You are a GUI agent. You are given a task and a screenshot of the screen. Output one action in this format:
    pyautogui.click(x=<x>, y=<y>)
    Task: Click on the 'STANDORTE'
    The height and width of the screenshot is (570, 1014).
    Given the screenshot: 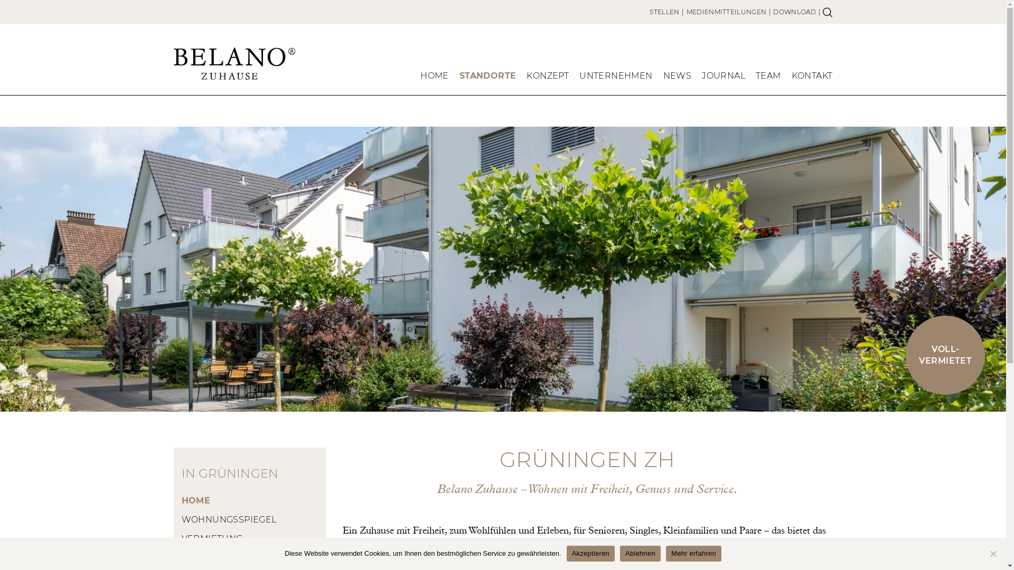 What is the action you would take?
    pyautogui.click(x=487, y=77)
    